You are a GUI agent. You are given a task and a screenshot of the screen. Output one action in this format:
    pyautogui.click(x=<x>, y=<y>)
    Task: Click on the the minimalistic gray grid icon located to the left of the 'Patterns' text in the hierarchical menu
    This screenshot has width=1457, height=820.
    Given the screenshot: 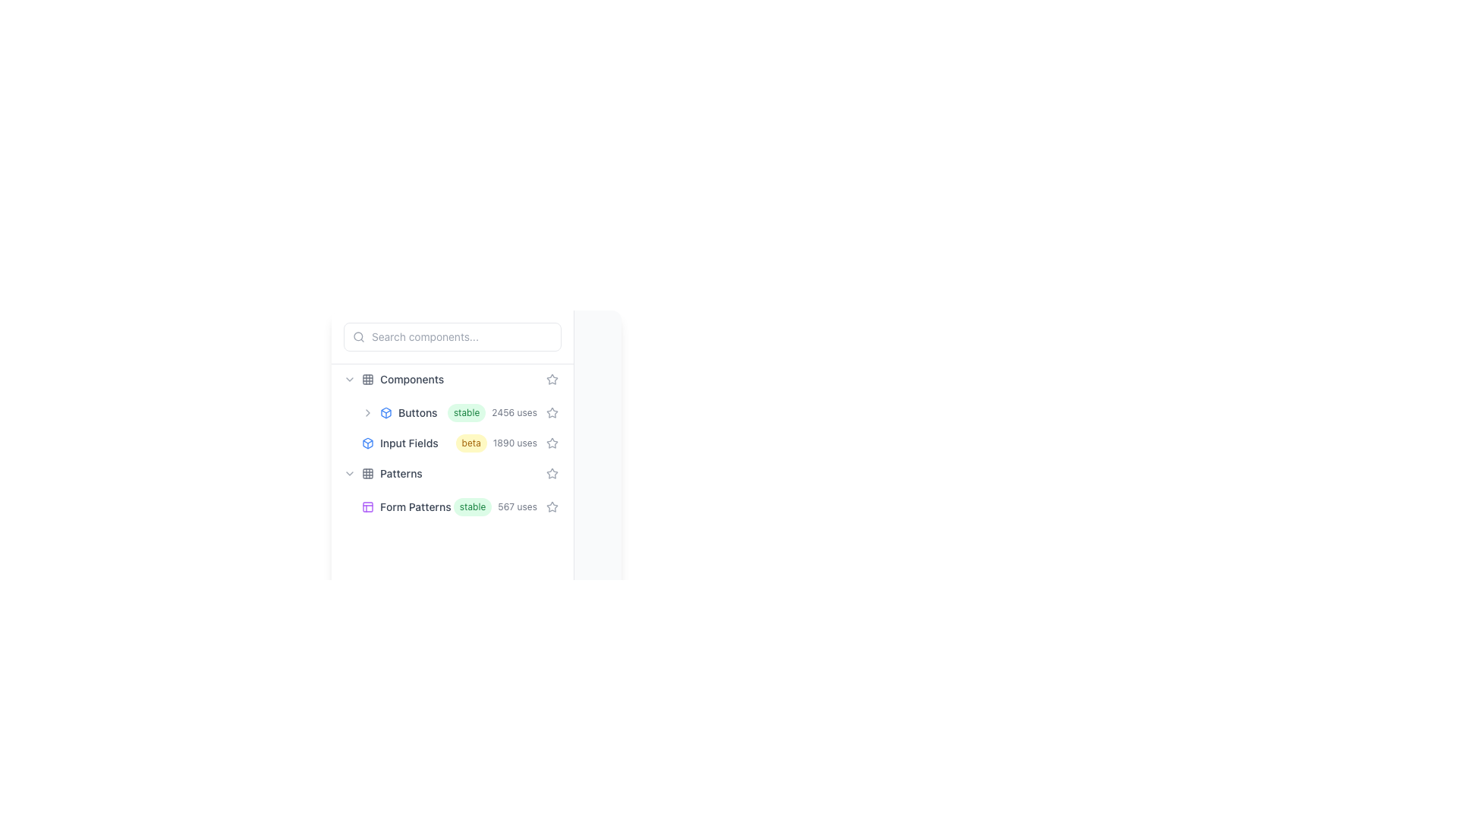 What is the action you would take?
    pyautogui.click(x=367, y=473)
    